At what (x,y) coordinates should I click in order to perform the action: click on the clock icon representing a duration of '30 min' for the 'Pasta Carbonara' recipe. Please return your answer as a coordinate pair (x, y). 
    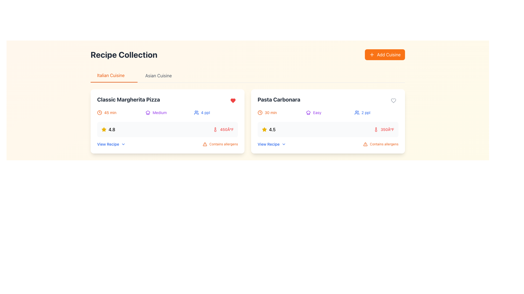
    Looking at the image, I should click on (260, 112).